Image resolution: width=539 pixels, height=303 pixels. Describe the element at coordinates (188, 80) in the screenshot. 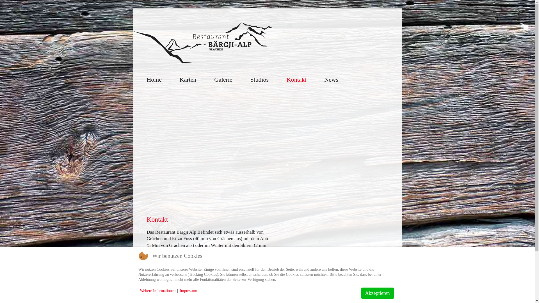

I see `'Karten'` at that location.